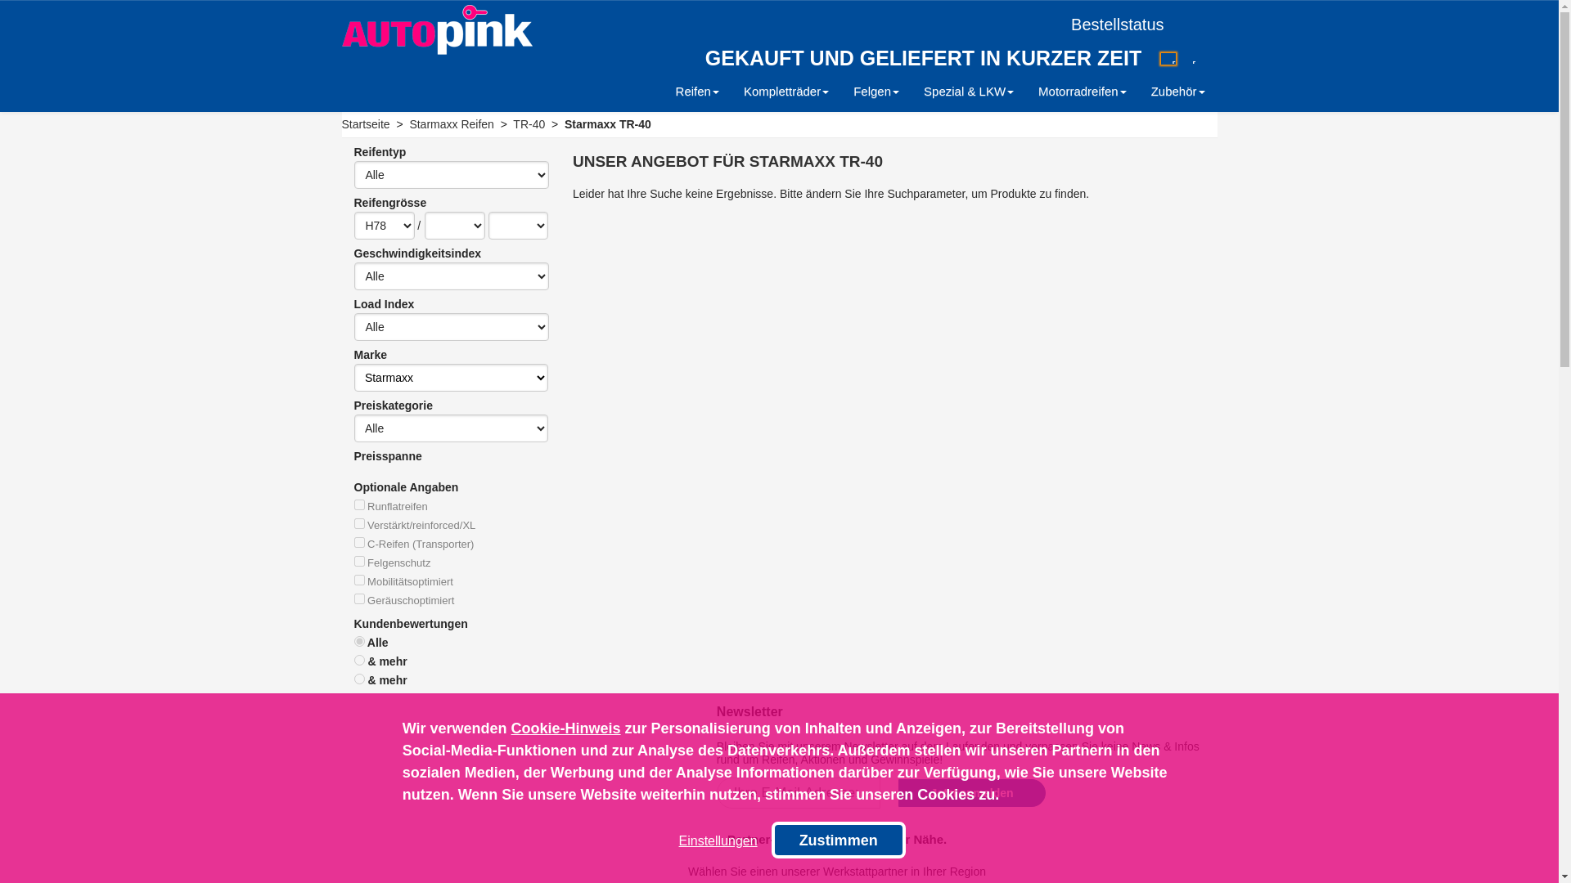 The image size is (1571, 883). What do you see at coordinates (1189, 58) in the screenshot?
I see `'[FR]'` at bounding box center [1189, 58].